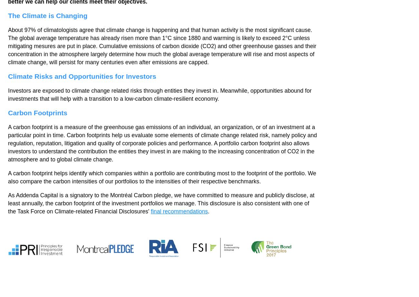 This screenshot has width=419, height=297. What do you see at coordinates (7, 46) in the screenshot?
I see `'About 97% of climatologists agree that climate change is happening and that human activity is the most significant cause. The global average temperature has already risen more than 1°C since 1880 and warming is likely to exceed 2°C unless mitigating mesures are put in place. Cumulative emissions of carbon dioxide (CO2) and other greenhouse gasses and their concentration in the atmosphere largely determine how much the global average temperature will rise and most aspects of climate change, will persist for many centuries even after emissions are capped.'` at bounding box center [7, 46].